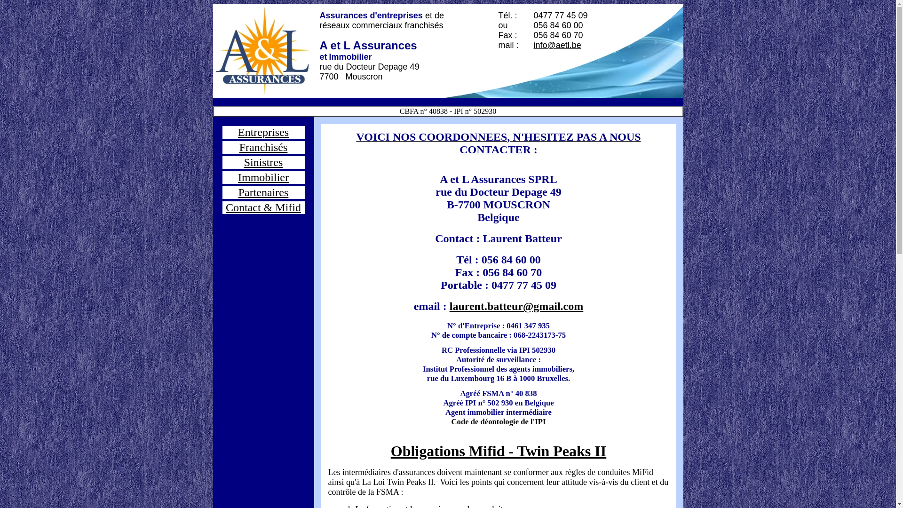  What do you see at coordinates (263, 161) in the screenshot?
I see `'Sinistres'` at bounding box center [263, 161].